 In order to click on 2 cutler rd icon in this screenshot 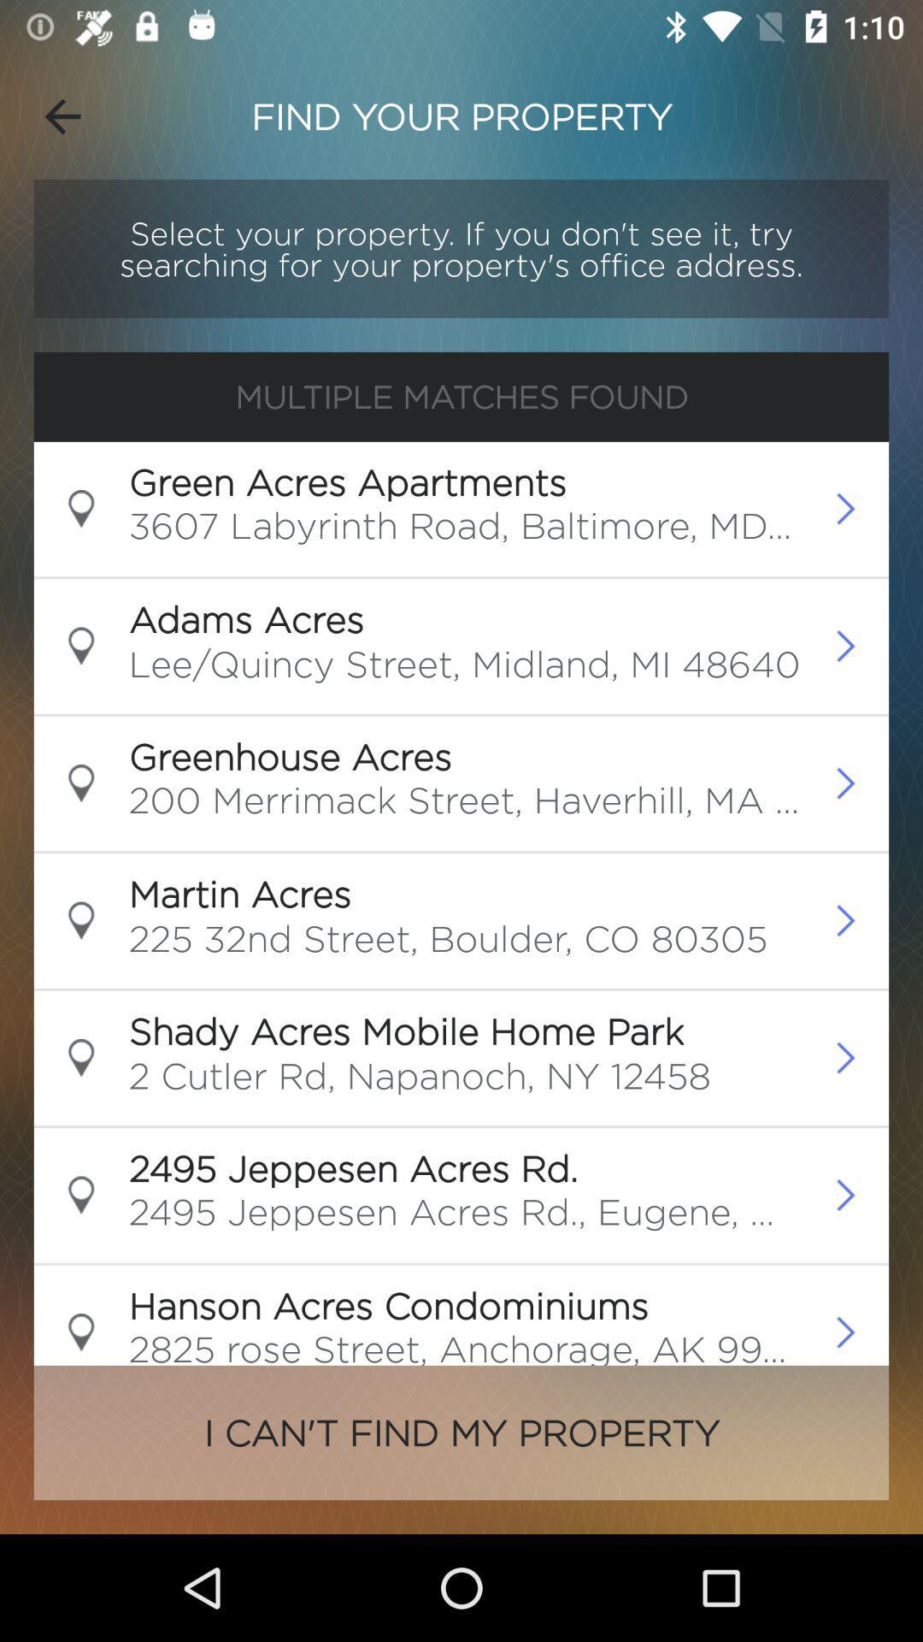, I will do `click(420, 1079)`.